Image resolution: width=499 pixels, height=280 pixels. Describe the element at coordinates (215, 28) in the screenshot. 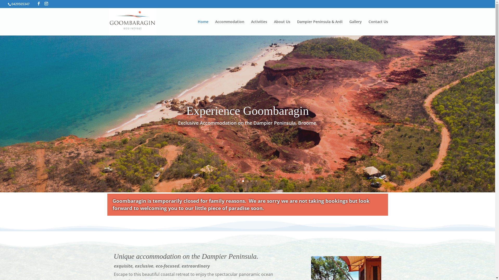

I see `'Accommodation'` at that location.